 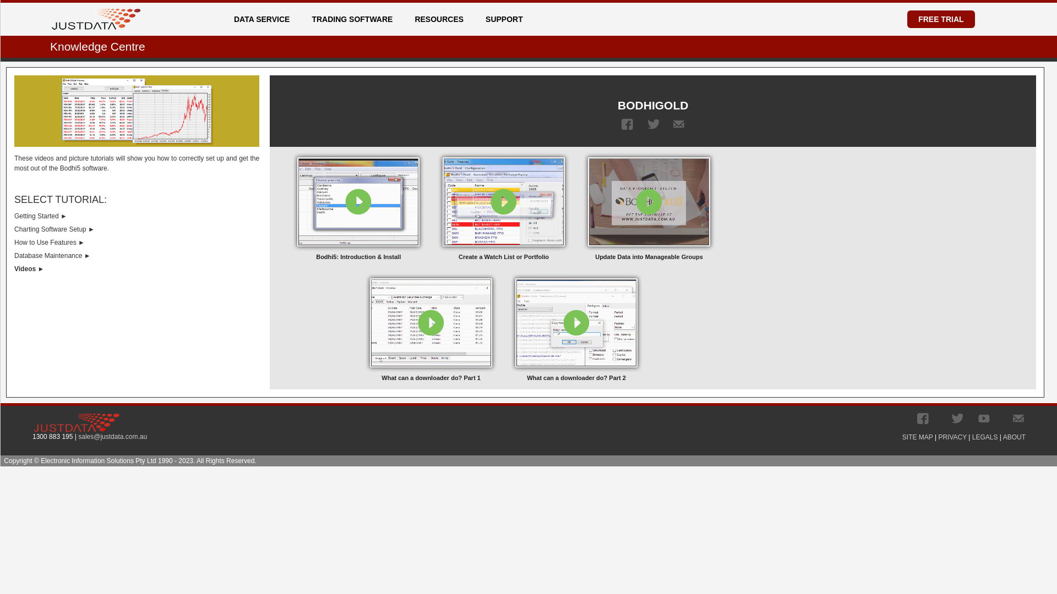 I want to click on 'FREE TRIAL', so click(x=940, y=19).